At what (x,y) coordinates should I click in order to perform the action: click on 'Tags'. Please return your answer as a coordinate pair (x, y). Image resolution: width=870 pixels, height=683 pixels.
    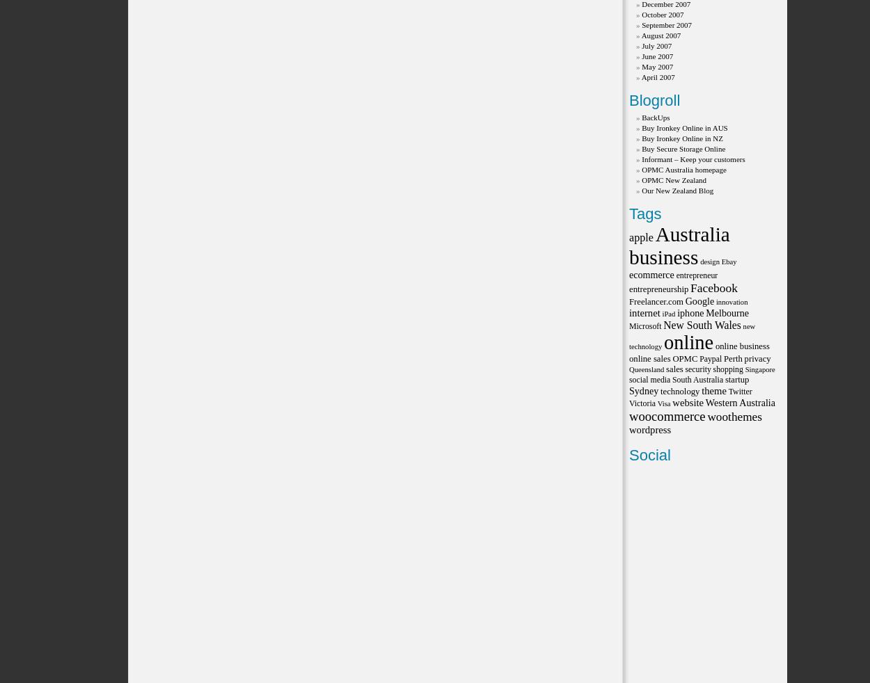
    Looking at the image, I should click on (645, 214).